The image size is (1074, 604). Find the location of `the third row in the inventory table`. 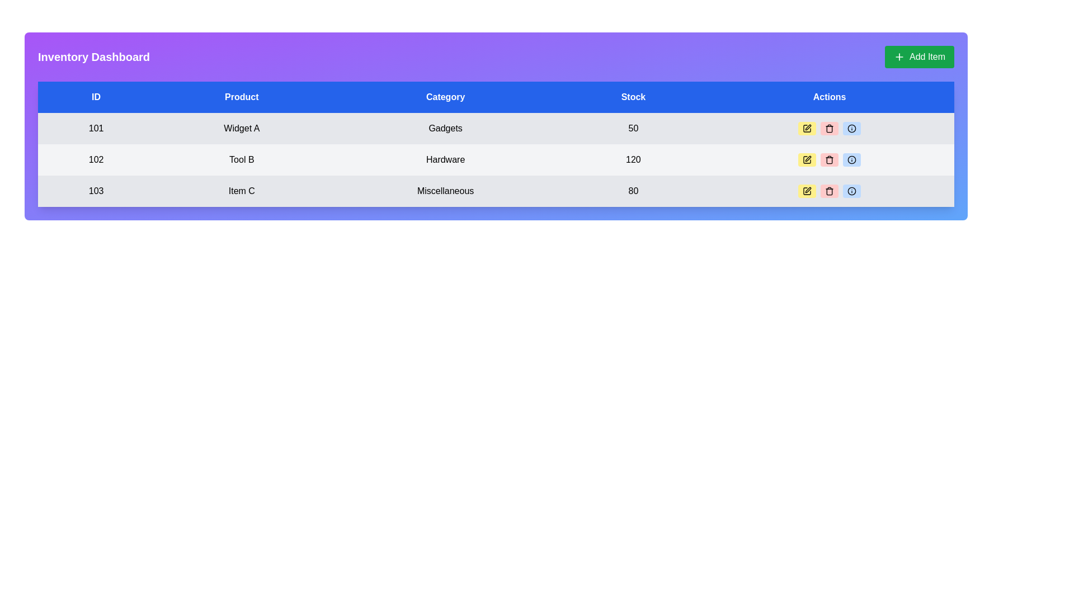

the third row in the inventory table is located at coordinates (496, 191).